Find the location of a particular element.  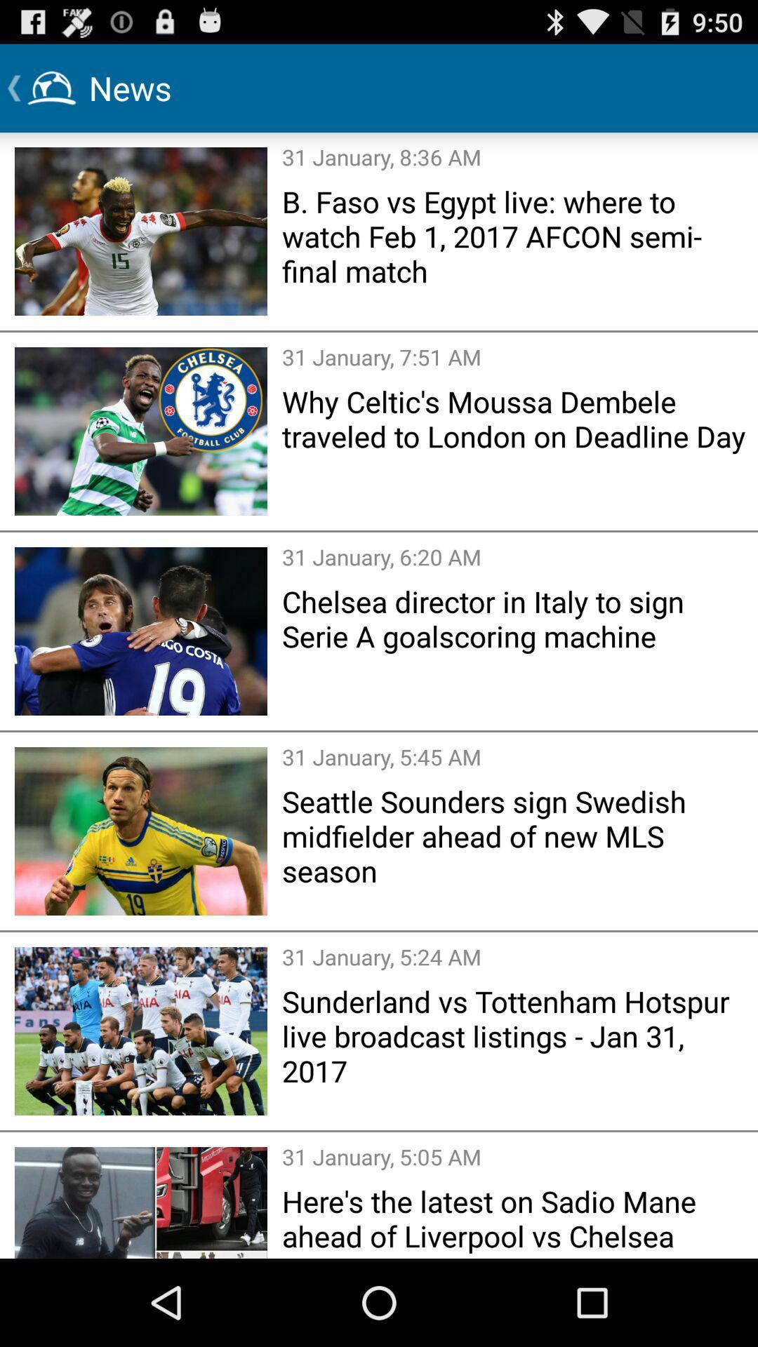

item below the 31 january 5 is located at coordinates (515, 836).